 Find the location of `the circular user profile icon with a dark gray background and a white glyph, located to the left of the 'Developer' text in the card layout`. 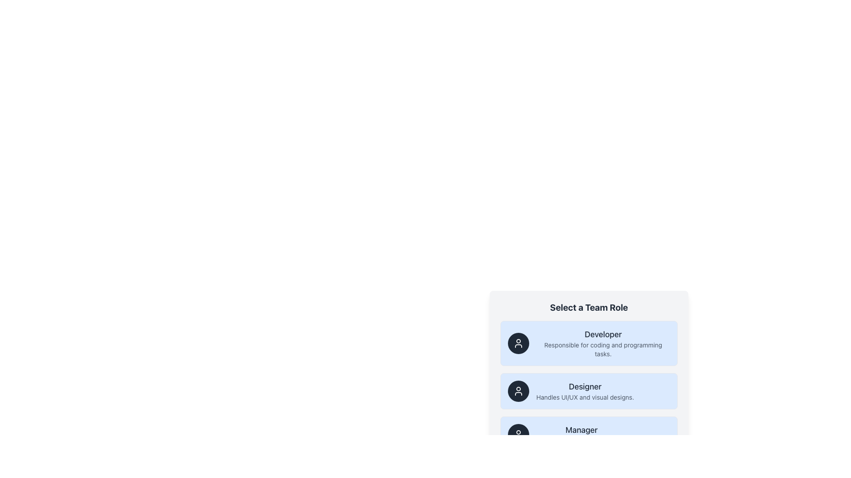

the circular user profile icon with a dark gray background and a white glyph, located to the left of the 'Developer' text in the card layout is located at coordinates (519, 343).